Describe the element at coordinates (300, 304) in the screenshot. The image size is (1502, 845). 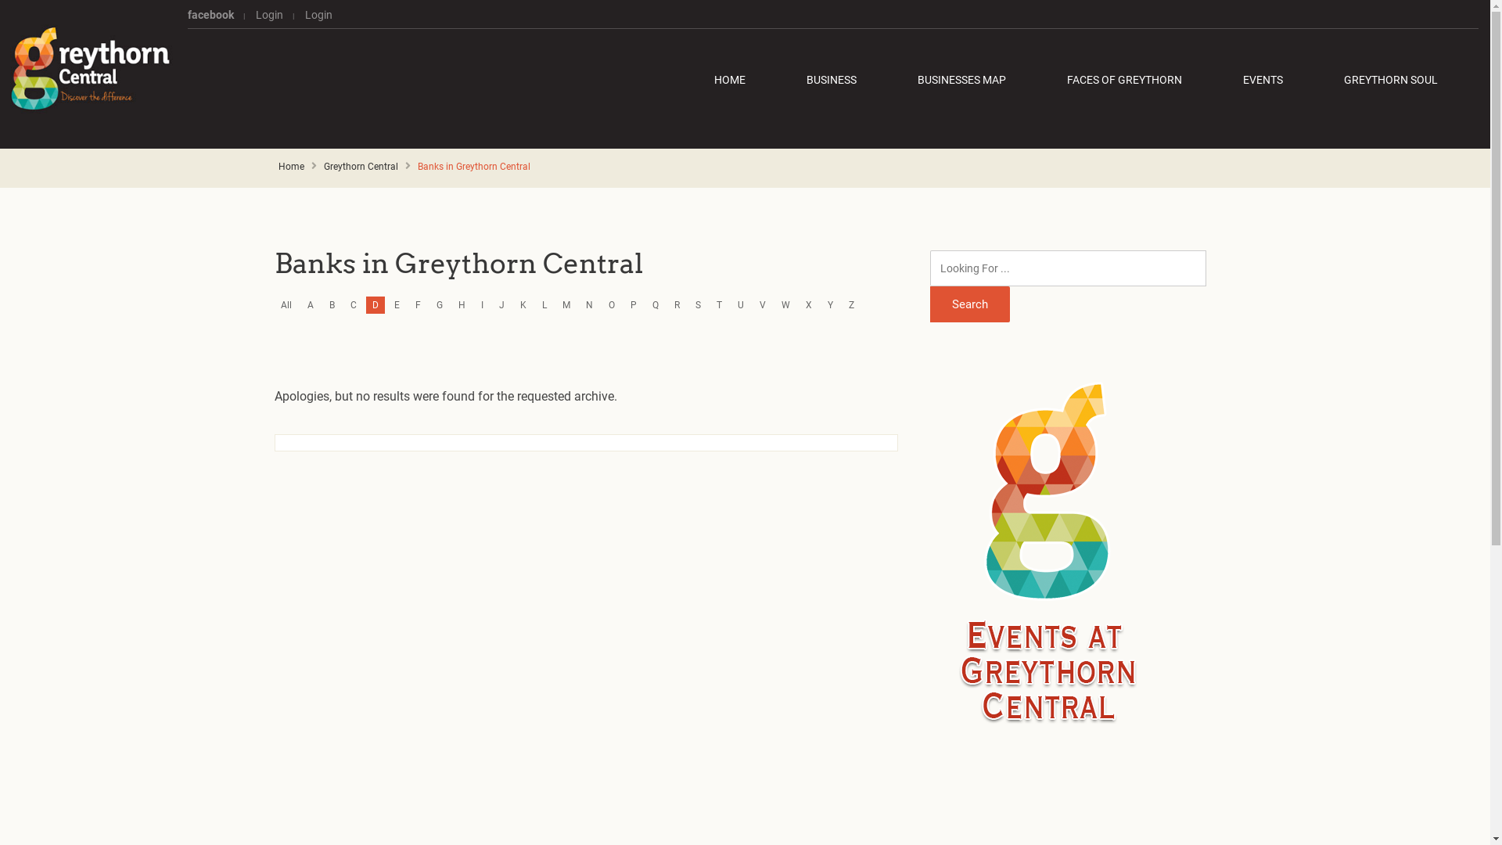
I see `'A'` at that location.